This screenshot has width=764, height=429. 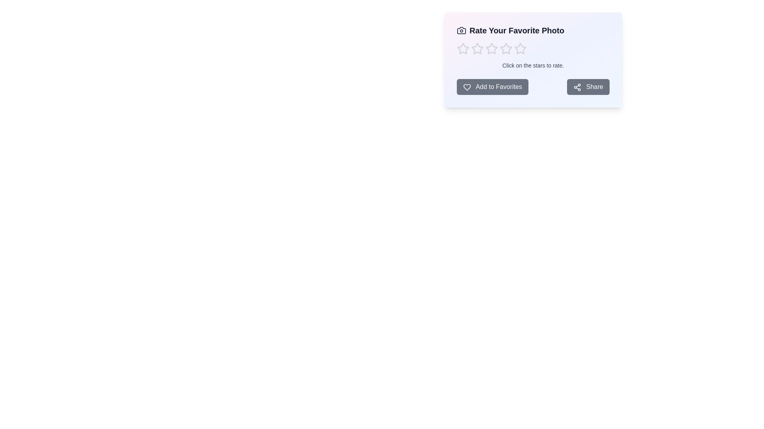 I want to click on the second rating star in the rating system, so click(x=506, y=48).